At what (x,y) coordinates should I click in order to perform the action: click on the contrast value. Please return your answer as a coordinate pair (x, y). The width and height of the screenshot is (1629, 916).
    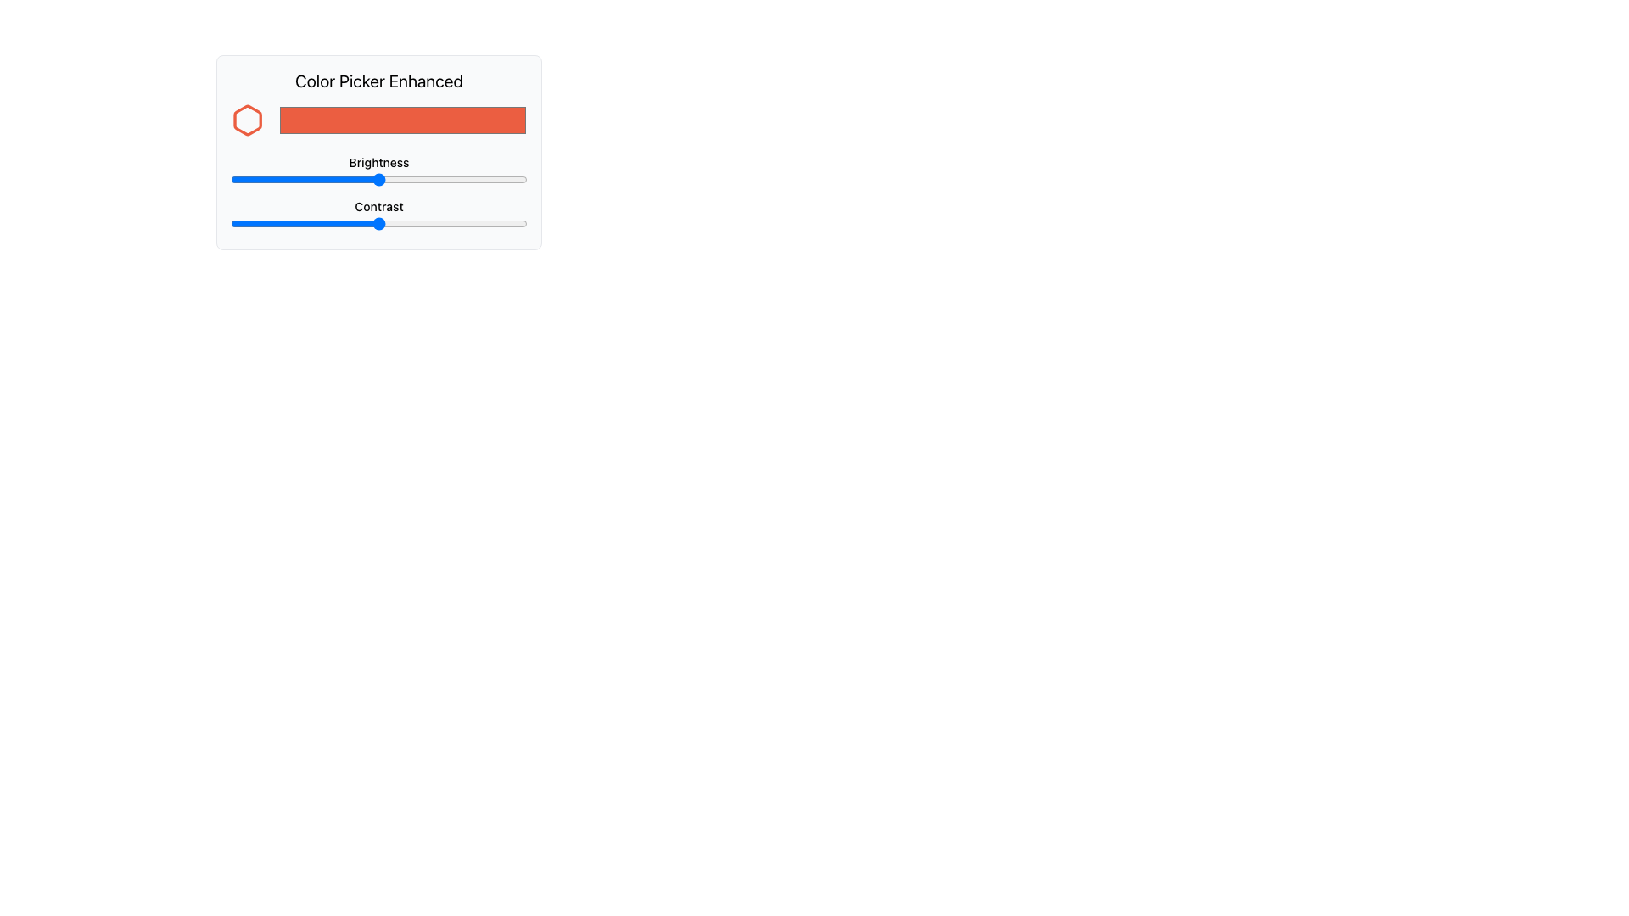
    Looking at the image, I should click on (523, 222).